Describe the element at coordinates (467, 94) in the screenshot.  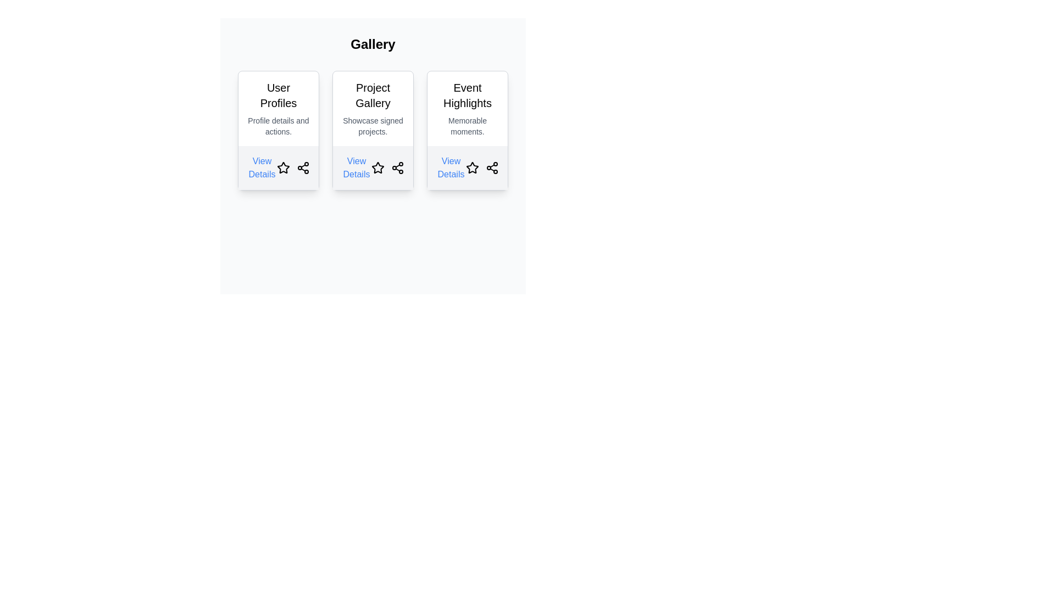
I see `the 'Event Highlights' text label at the top of the rightmost card` at that location.